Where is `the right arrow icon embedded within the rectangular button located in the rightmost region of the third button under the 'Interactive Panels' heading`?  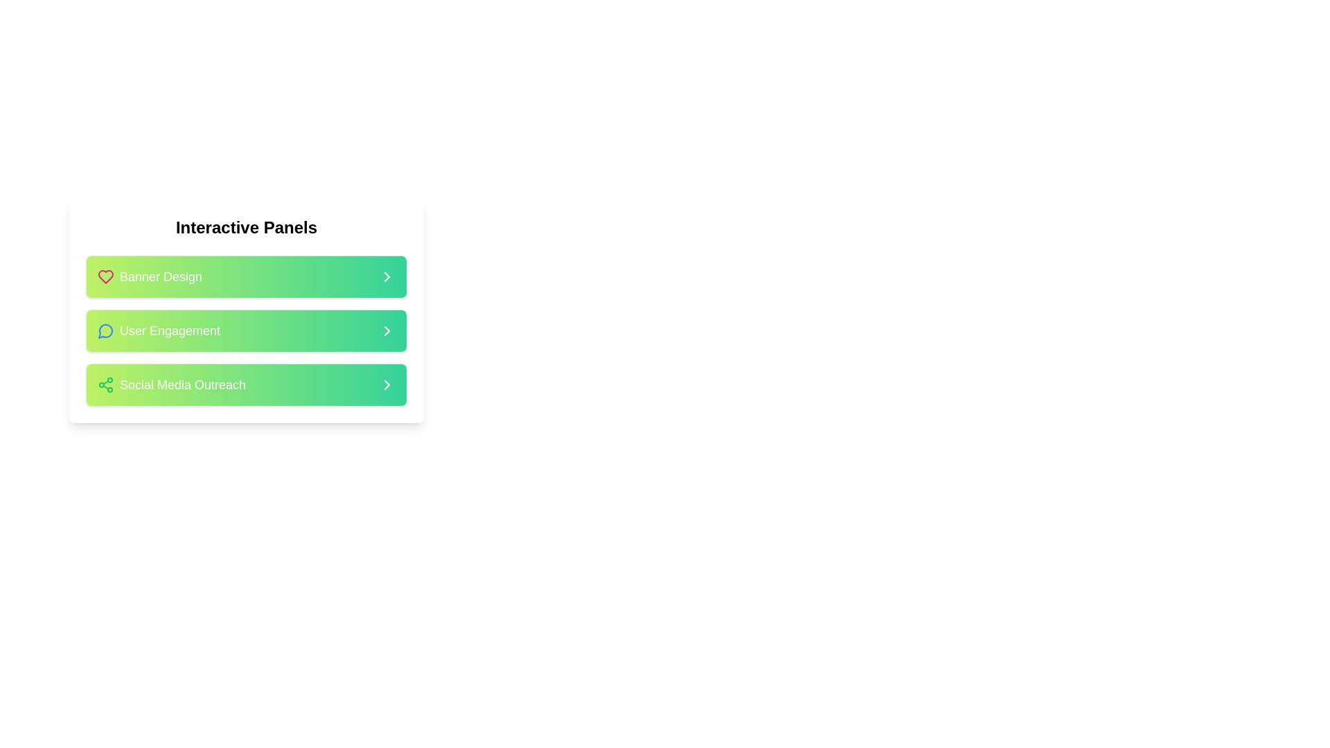 the right arrow icon embedded within the rectangular button located in the rightmost region of the third button under the 'Interactive Panels' heading is located at coordinates (387, 384).